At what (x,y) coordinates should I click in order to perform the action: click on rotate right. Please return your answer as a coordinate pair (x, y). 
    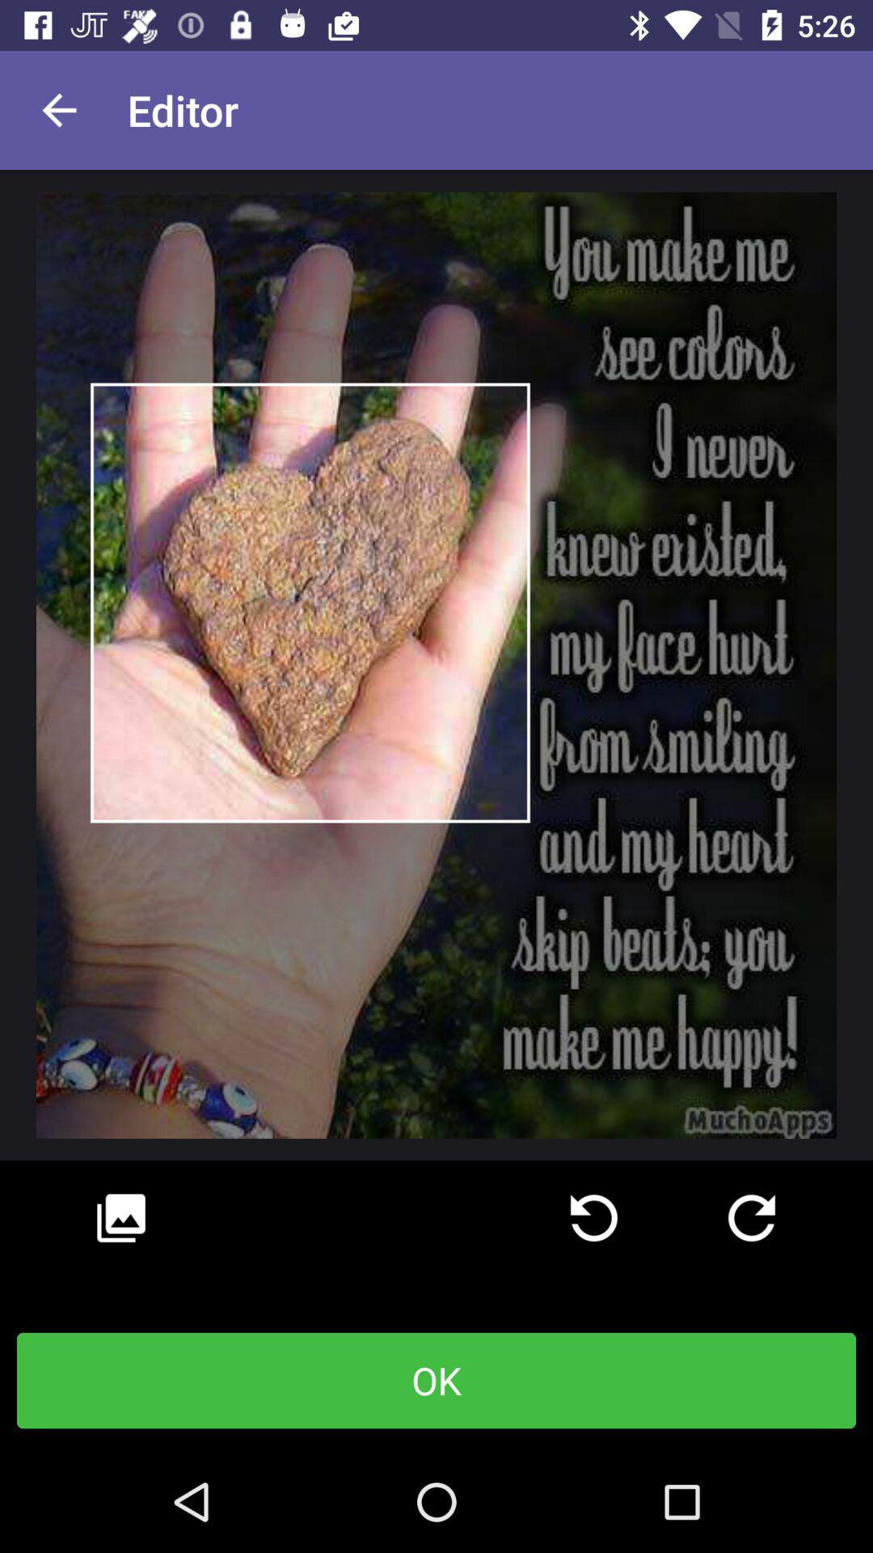
    Looking at the image, I should click on (751, 1218).